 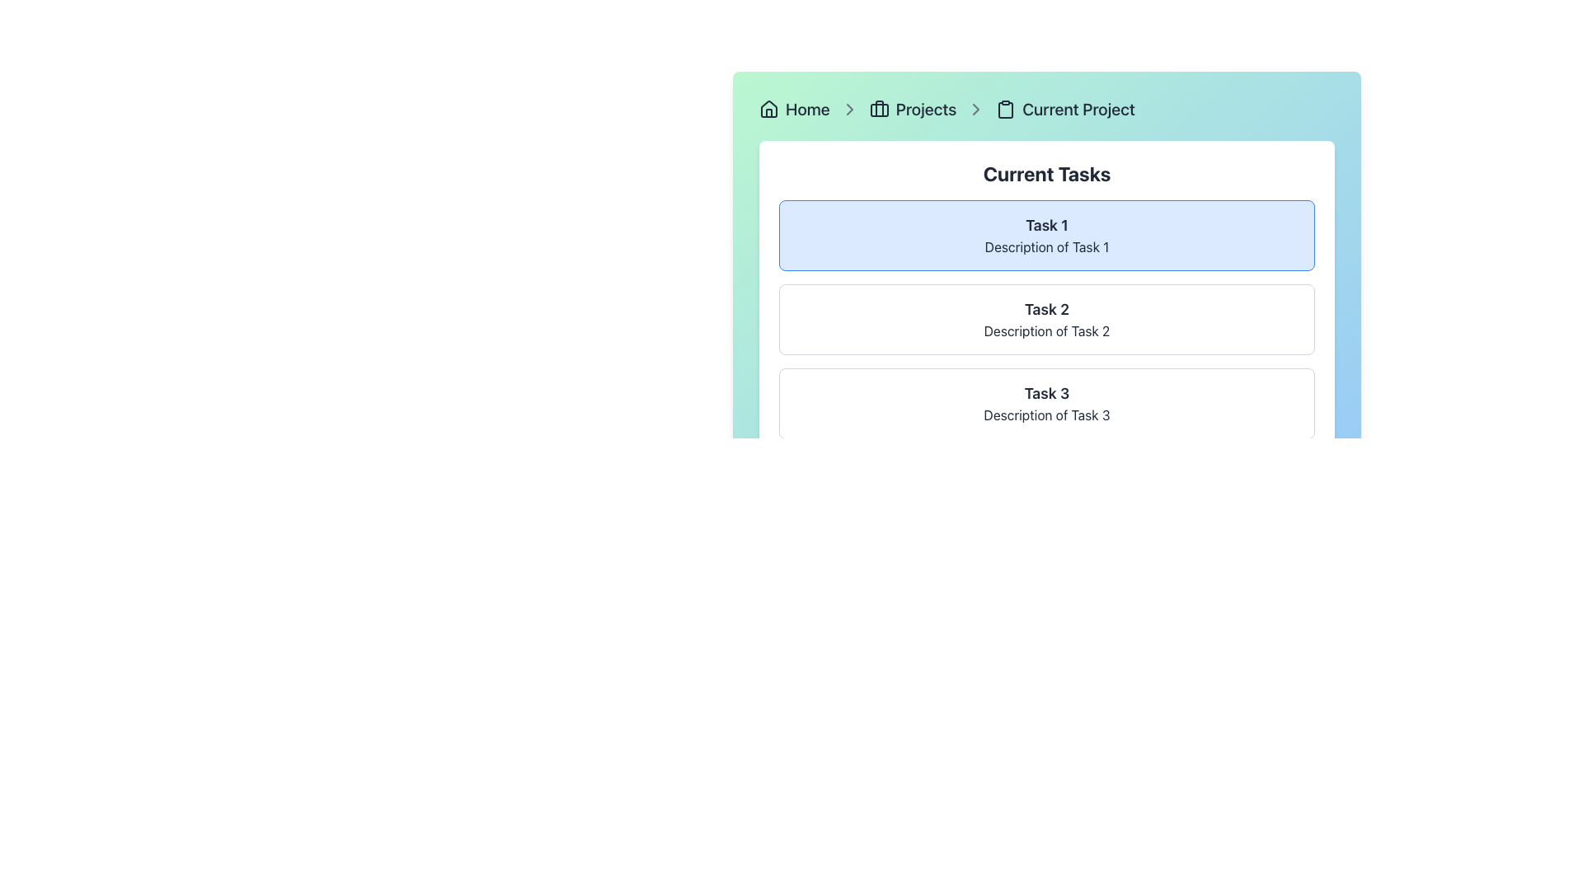 I want to click on the second arrow-shaped icon in the breadcrumb navigation bar, which is styled with a black outline and separates the 'Projects' and 'Current Project' labels, so click(x=849, y=109).